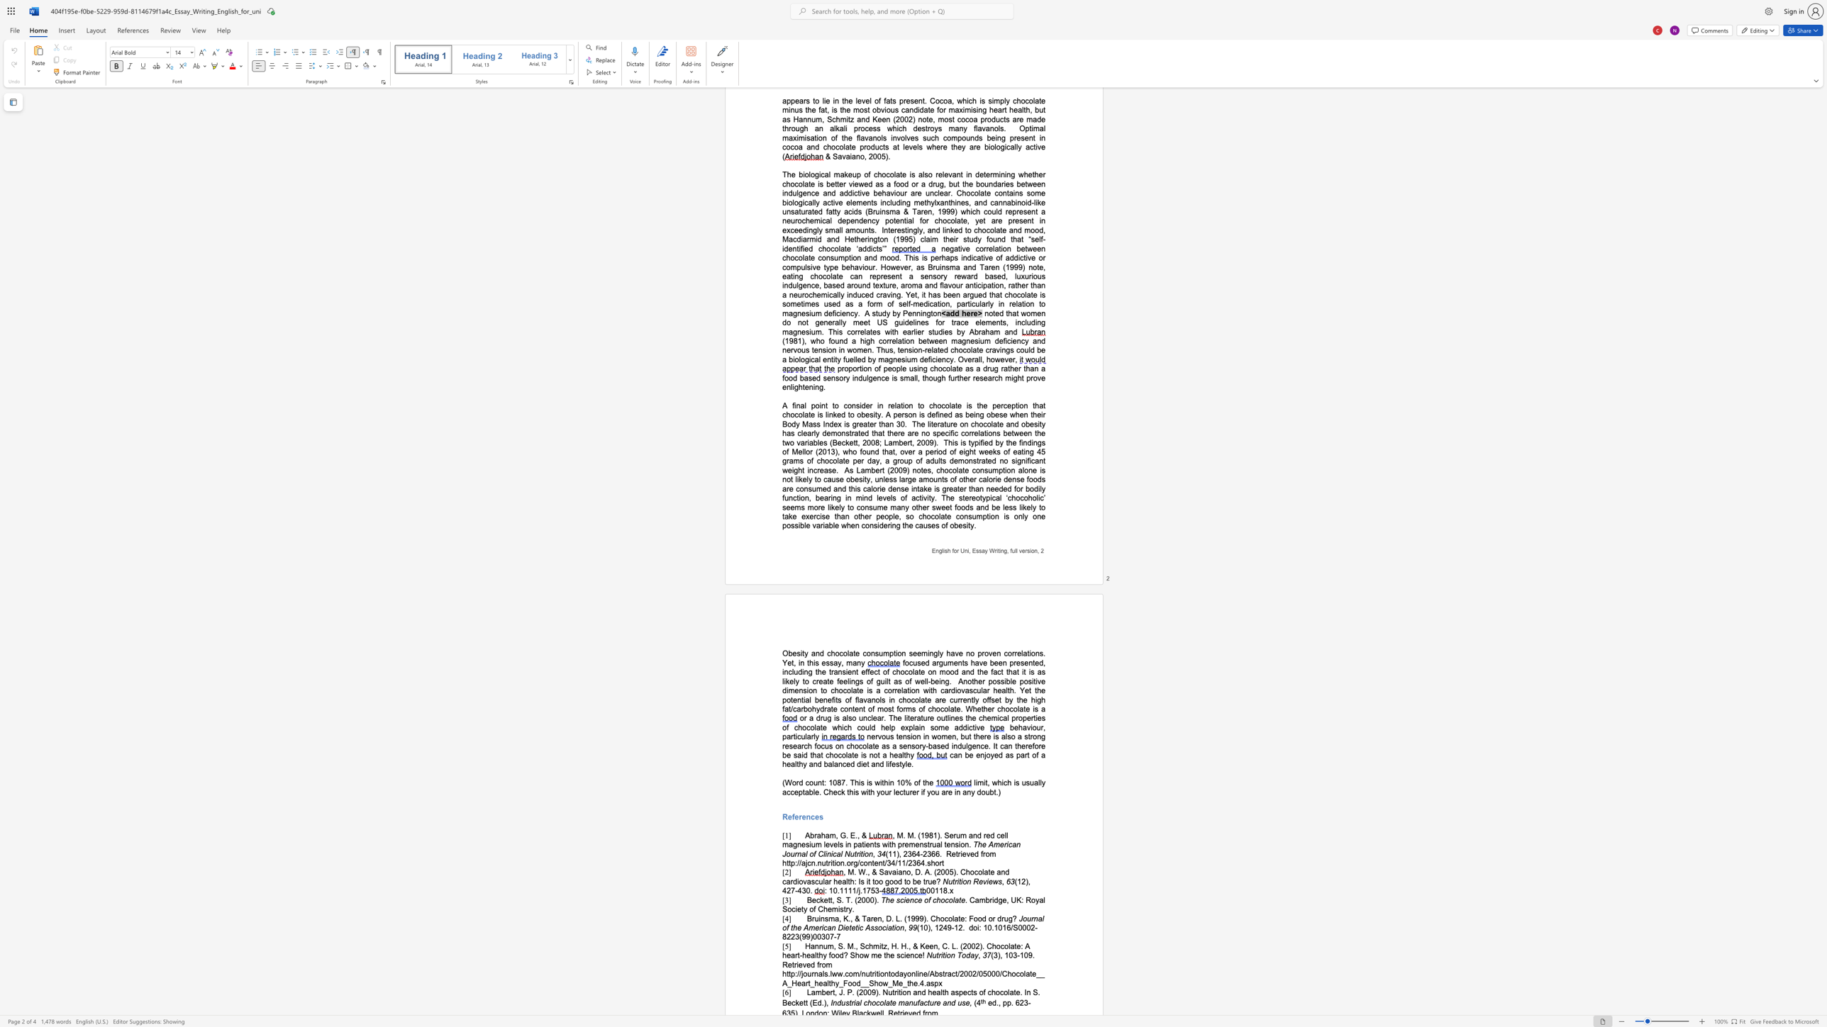 The height and width of the screenshot is (1027, 1827). What do you see at coordinates (1013, 709) in the screenshot?
I see `the subset text "ola" within the text "Whether chocolate is a"` at bounding box center [1013, 709].